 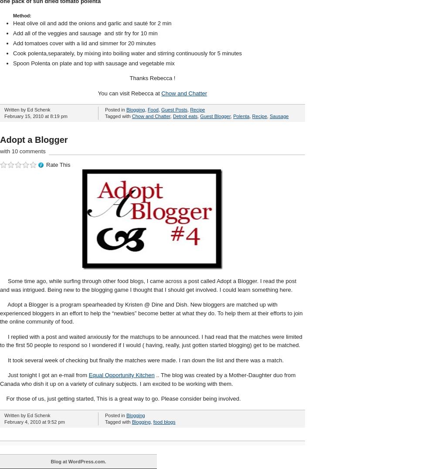 What do you see at coordinates (92, 23) in the screenshot?
I see `'Heat olive oil and add the onions and garlic and sauté for 2 min'` at bounding box center [92, 23].